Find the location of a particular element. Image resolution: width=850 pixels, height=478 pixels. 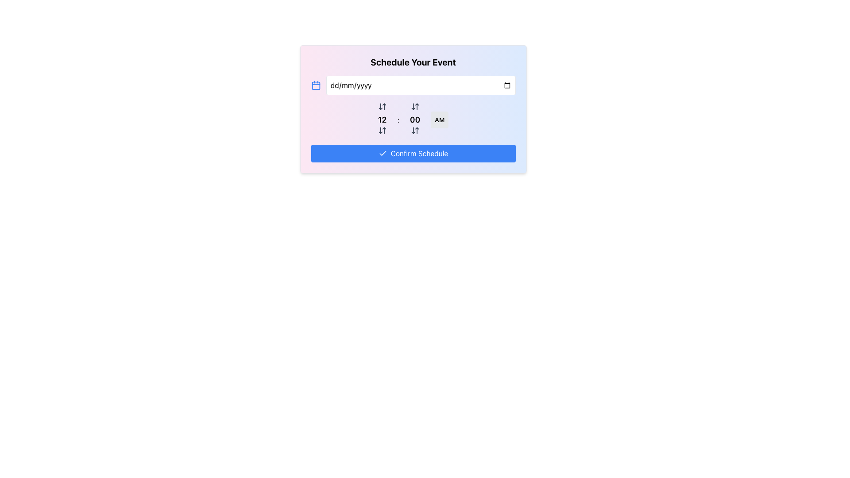

the text display showing '00' in the time-selection interface, which is centrally positioned between the hour and AM/PM selectors is located at coordinates (414, 119).